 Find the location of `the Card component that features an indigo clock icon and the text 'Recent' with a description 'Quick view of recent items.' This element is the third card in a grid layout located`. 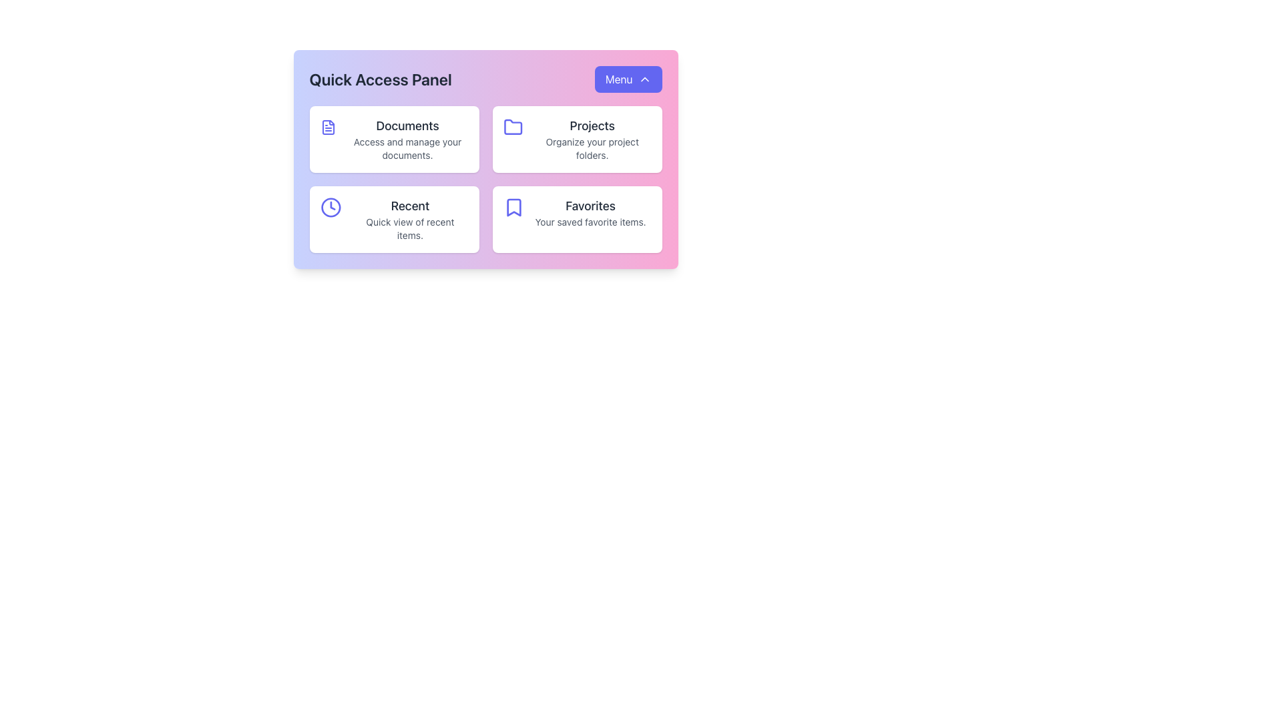

the Card component that features an indigo clock icon and the text 'Recent' with a description 'Quick view of recent items.' This element is the third card in a grid layout located is located at coordinates (393, 218).